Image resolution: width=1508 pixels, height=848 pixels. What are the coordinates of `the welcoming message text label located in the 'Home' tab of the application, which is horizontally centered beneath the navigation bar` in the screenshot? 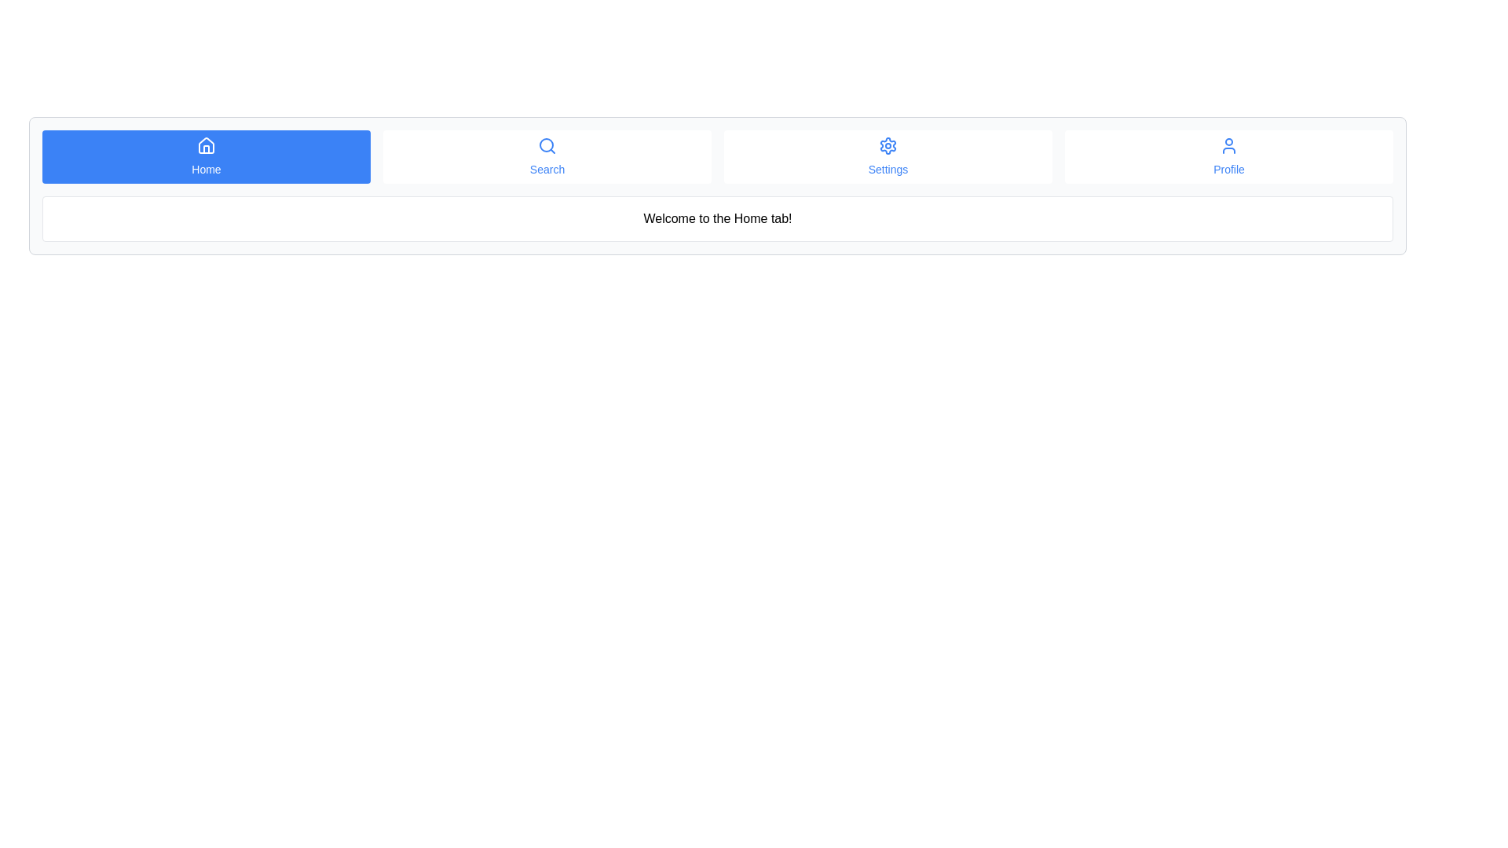 It's located at (716, 218).